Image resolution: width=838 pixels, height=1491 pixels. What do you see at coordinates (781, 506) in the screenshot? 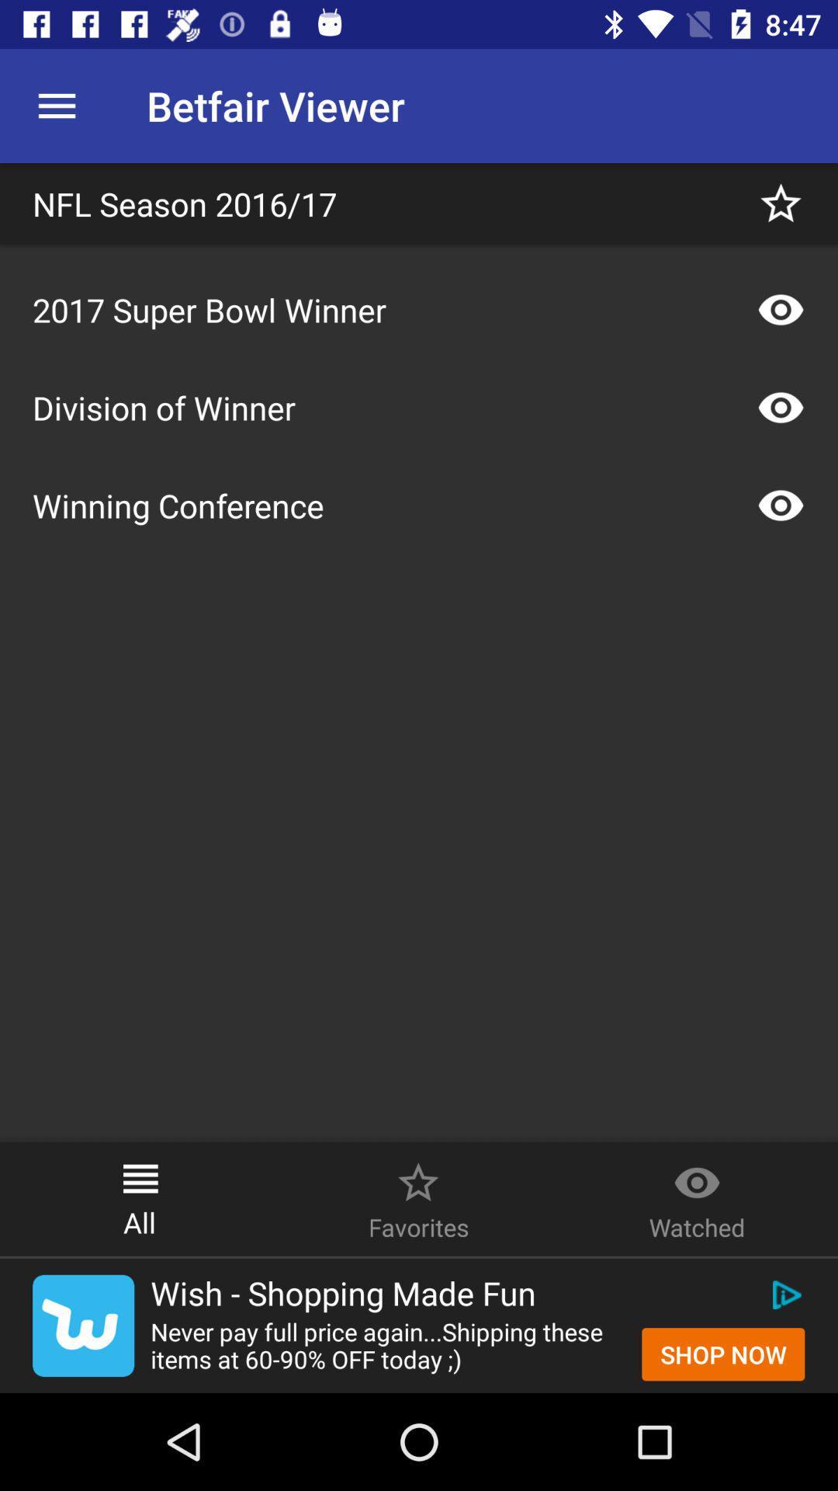
I see `look more closely at the winning conference tab` at bounding box center [781, 506].